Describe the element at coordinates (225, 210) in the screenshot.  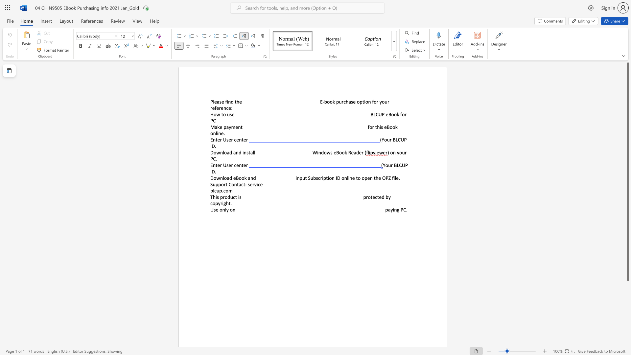
I see `the 1th character "l" in the text` at that location.